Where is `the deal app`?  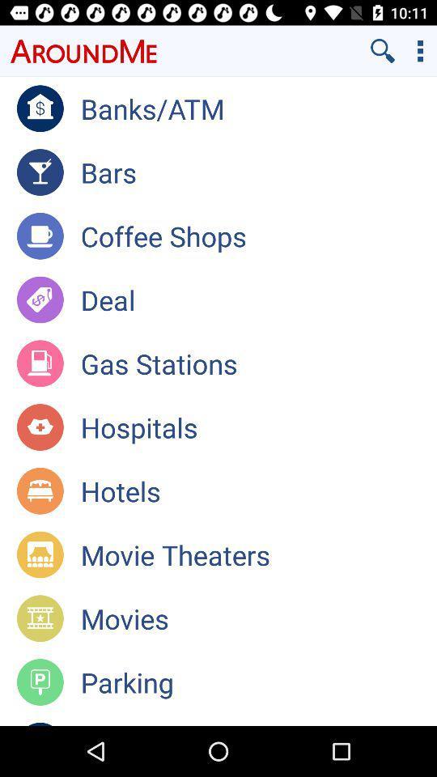 the deal app is located at coordinates (258, 299).